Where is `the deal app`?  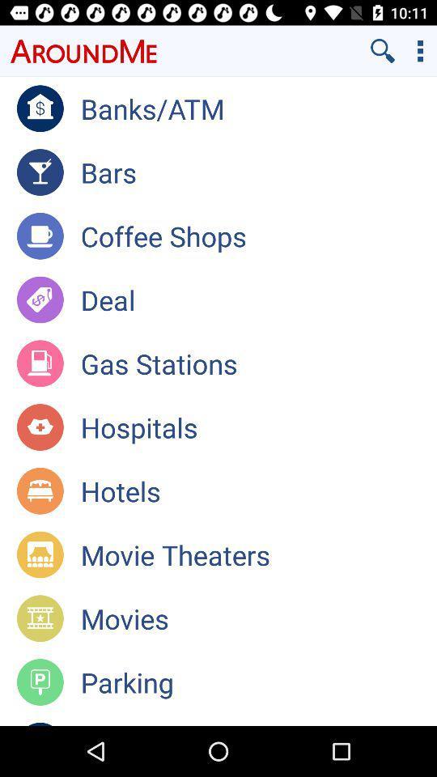 the deal app is located at coordinates (258, 299).